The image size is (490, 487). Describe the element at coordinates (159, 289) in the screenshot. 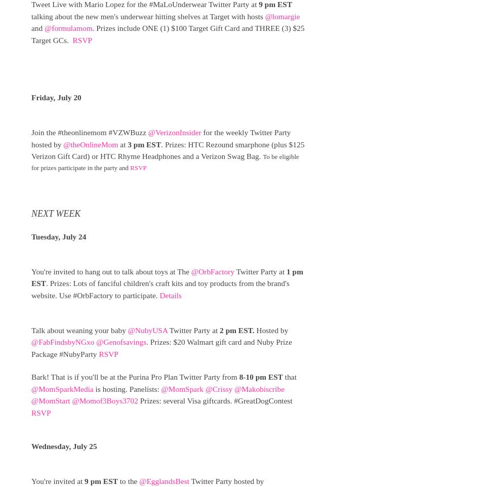

I see `'. Prizes: Lots of fanciful children's craft kits and toy products from the brand's website. Use #OrbFactory to participate.'` at that location.